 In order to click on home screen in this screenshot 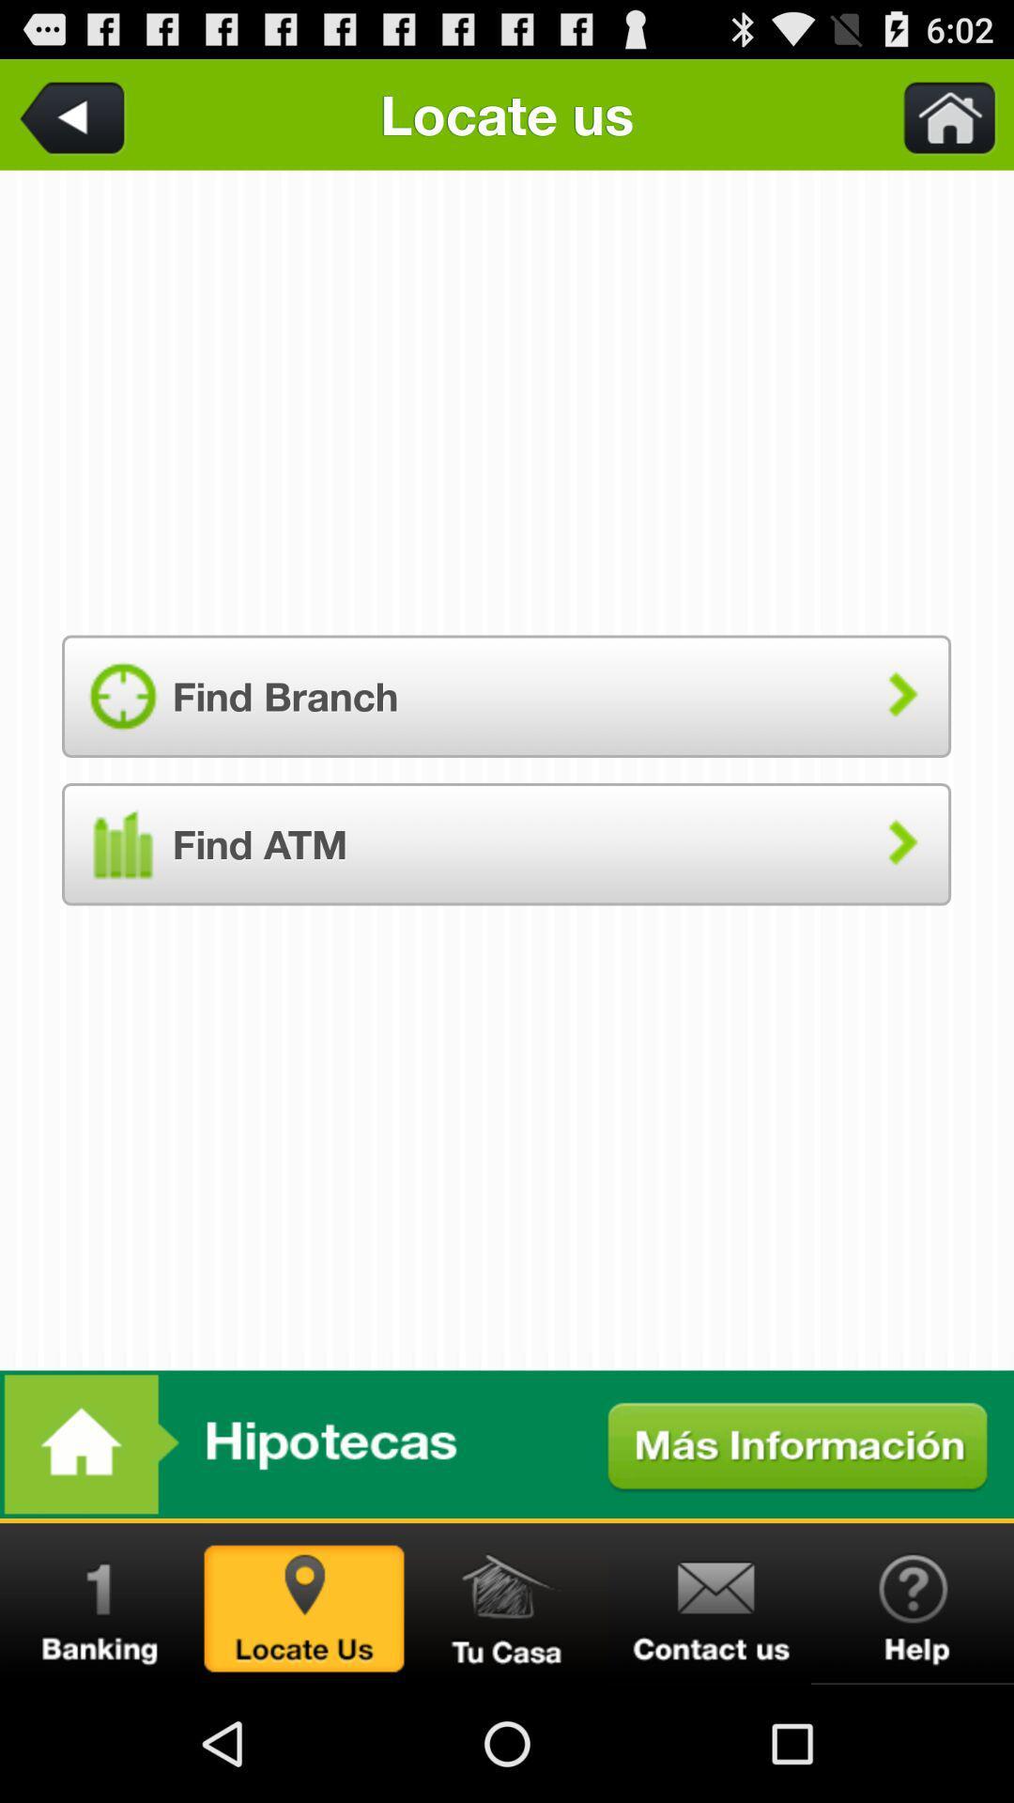, I will do `click(938, 114)`.